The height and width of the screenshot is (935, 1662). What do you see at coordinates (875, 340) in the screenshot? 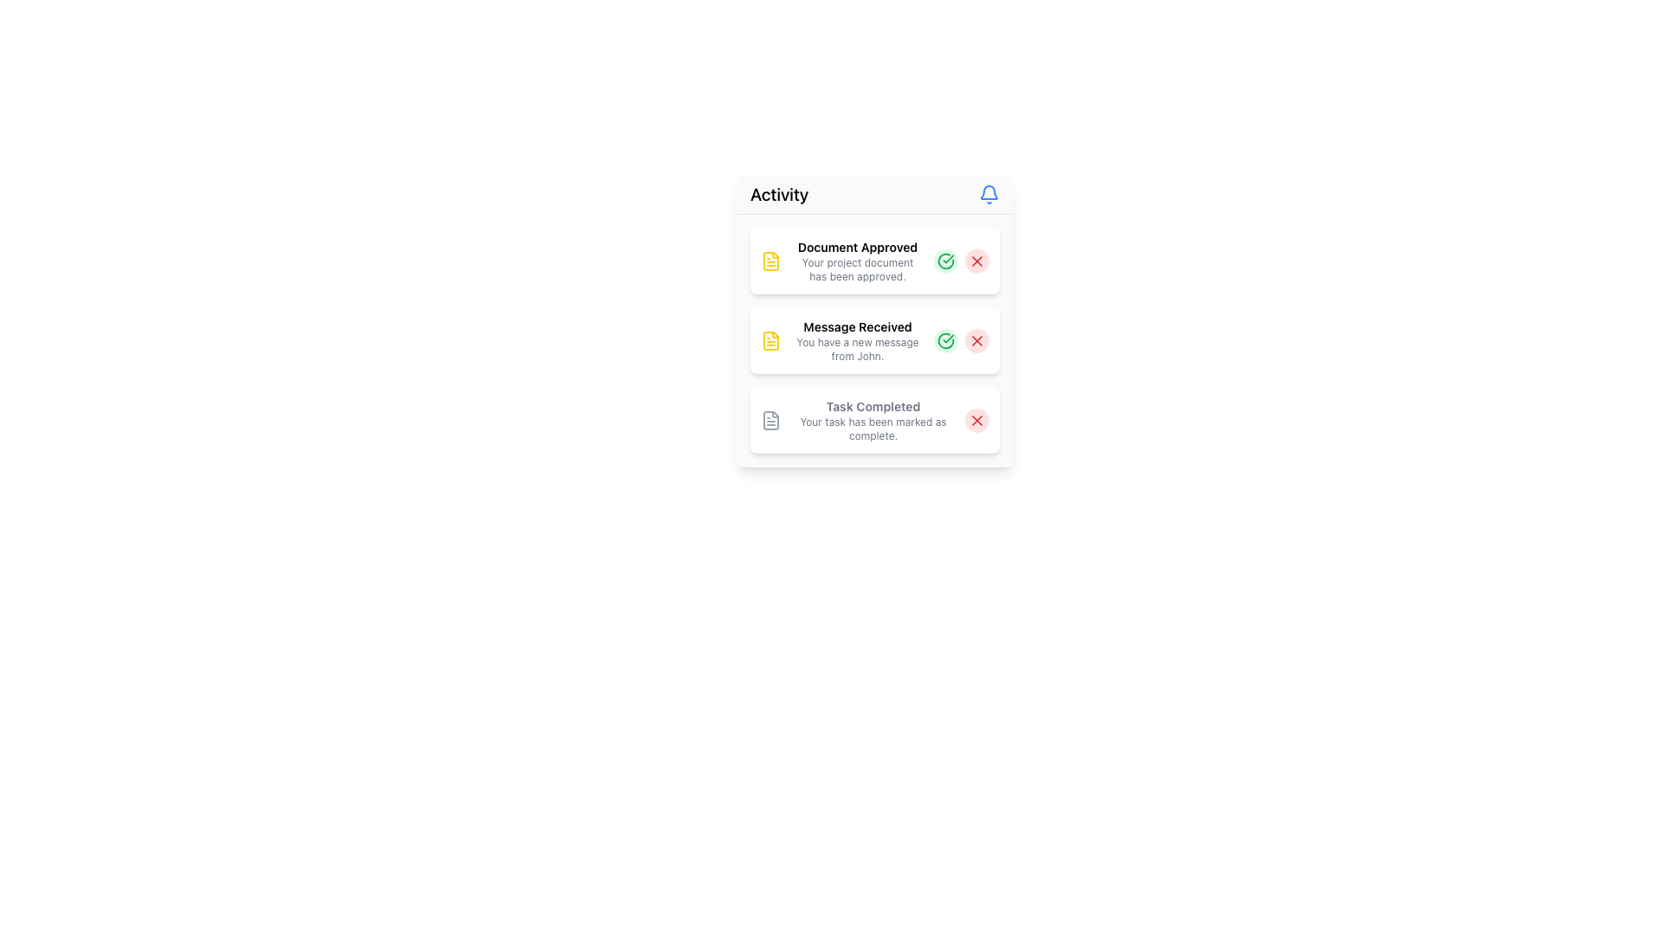
I see `the notification list element styled as a vertical list located in the 'Activity' card layout` at bounding box center [875, 340].